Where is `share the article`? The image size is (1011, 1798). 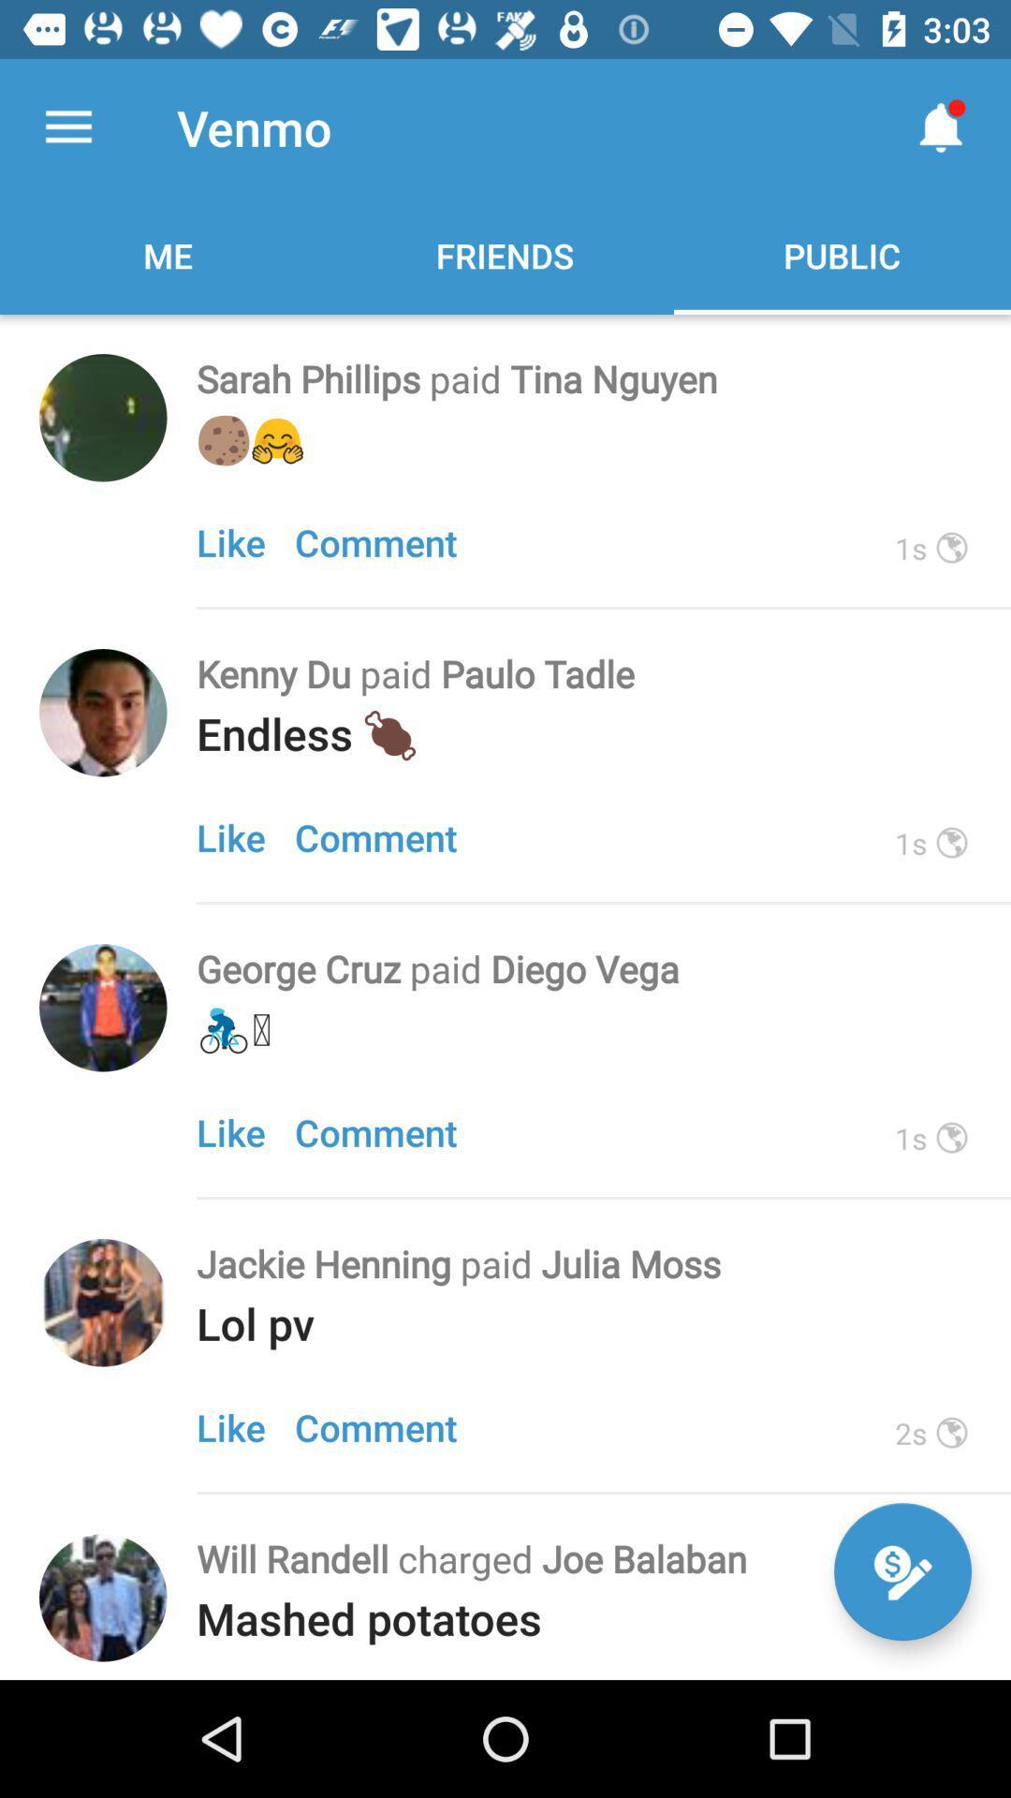
share the article is located at coordinates (103, 712).